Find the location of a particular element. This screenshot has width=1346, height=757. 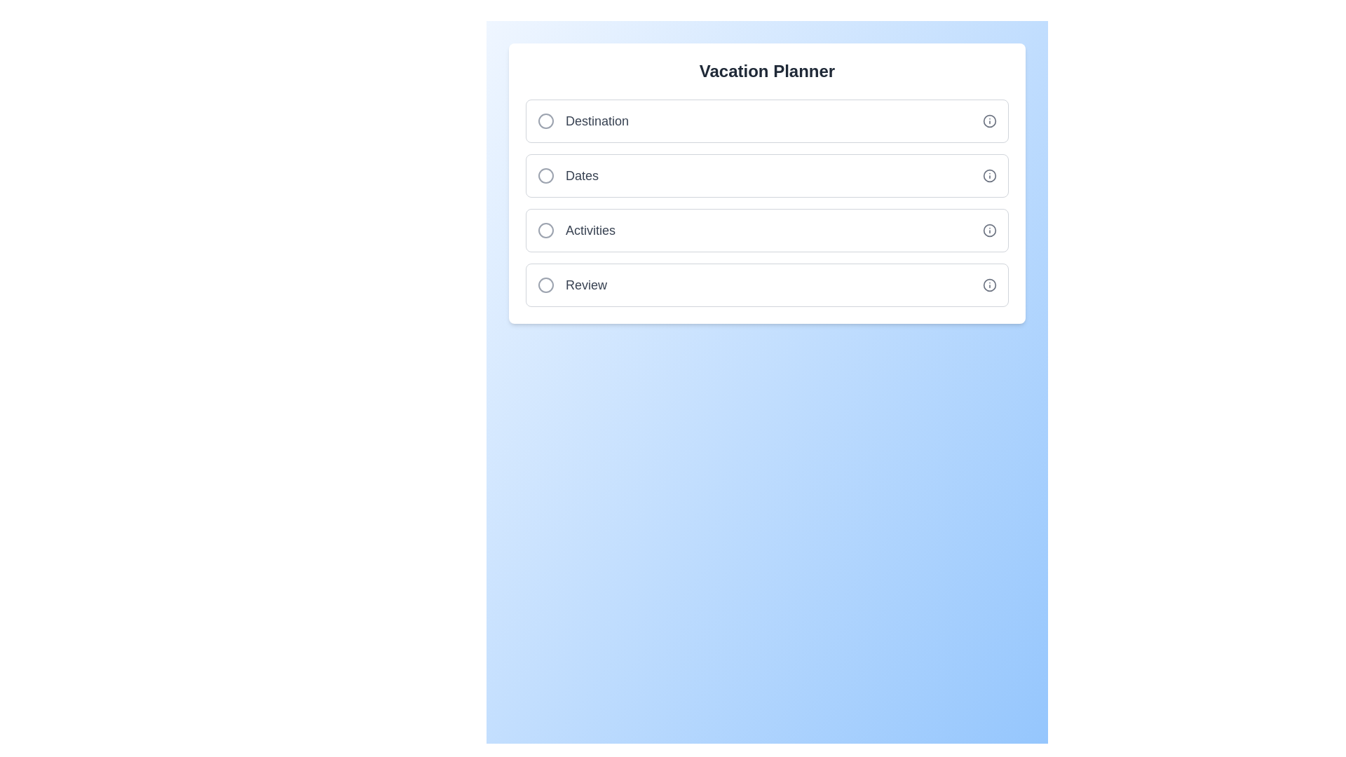

the 'Info' icon of the Destination step to view additional information is located at coordinates (988, 121).